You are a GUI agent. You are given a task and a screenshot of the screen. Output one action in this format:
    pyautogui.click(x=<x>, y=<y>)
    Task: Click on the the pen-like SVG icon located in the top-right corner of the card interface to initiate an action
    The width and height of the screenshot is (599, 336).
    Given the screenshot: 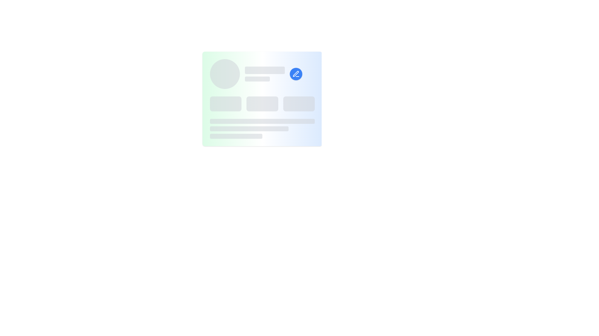 What is the action you would take?
    pyautogui.click(x=295, y=73)
    